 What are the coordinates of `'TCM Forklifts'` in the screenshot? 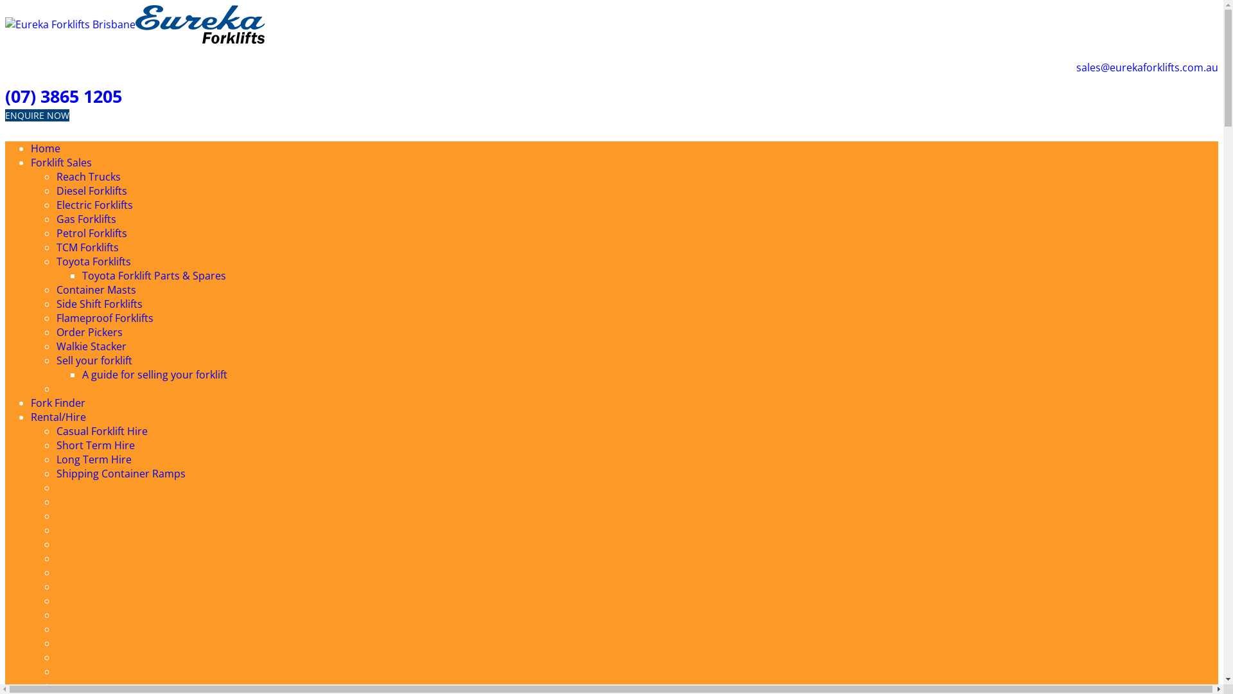 It's located at (87, 247).